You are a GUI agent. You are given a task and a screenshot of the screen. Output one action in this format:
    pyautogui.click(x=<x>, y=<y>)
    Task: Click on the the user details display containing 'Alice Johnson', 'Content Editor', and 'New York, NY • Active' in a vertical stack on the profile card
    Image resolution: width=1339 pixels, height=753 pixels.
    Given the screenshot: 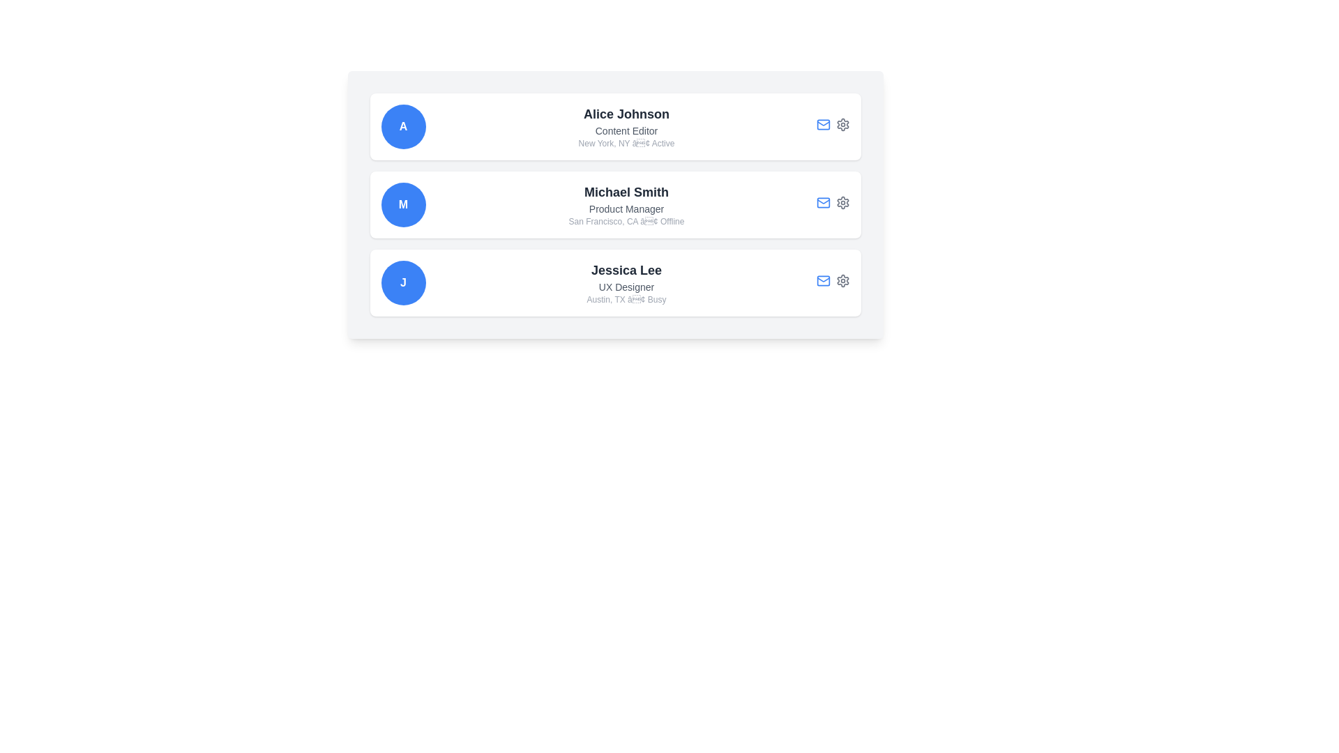 What is the action you would take?
    pyautogui.click(x=626, y=126)
    